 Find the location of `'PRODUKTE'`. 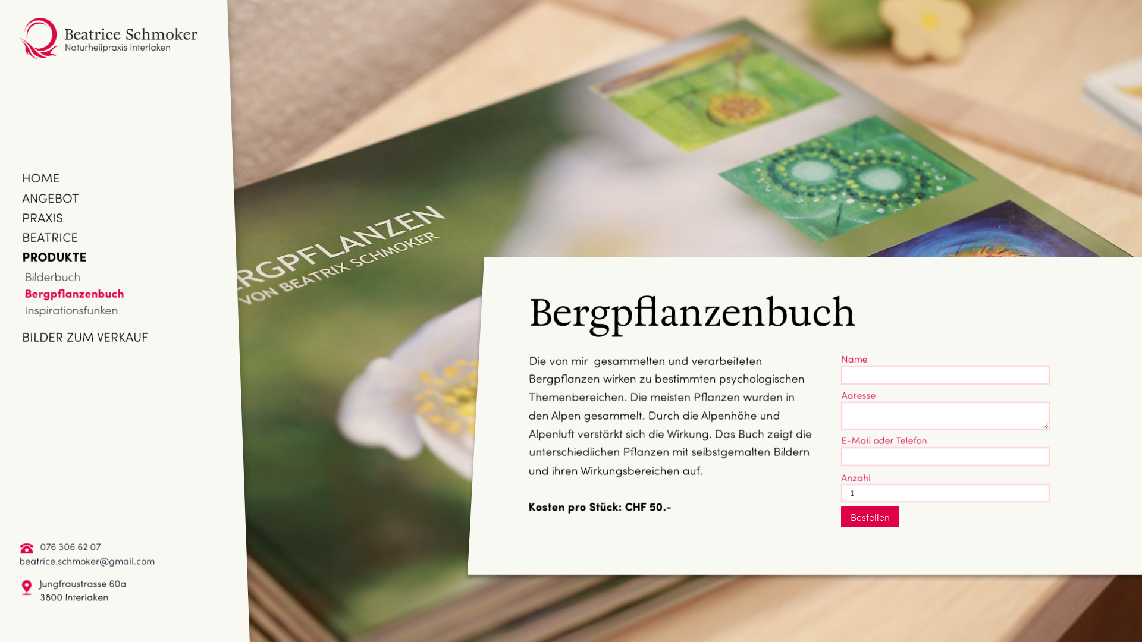

'PRODUKTE' is located at coordinates (54, 256).